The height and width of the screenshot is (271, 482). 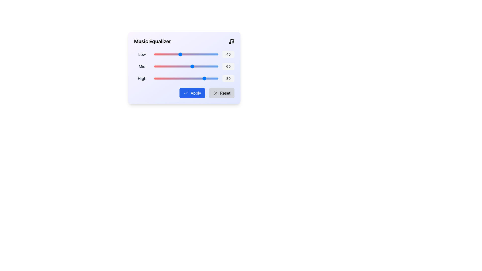 I want to click on the mid-range slider, so click(x=183, y=66).